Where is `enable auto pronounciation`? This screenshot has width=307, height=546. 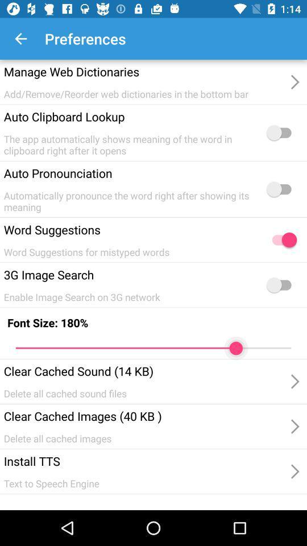
enable auto pronounciation is located at coordinates (281, 189).